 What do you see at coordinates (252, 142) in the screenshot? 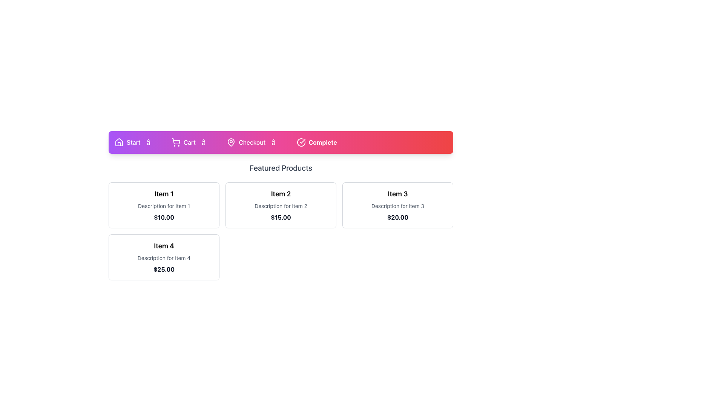
I see `the 'Checkout' text label located in the navigation bar, which is positioned between a map pin icon and another icon, with a gradient pink to red background` at bounding box center [252, 142].